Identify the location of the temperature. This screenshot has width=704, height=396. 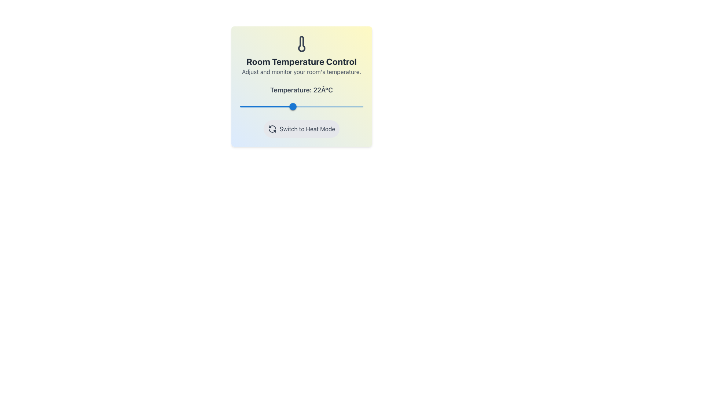
(338, 106).